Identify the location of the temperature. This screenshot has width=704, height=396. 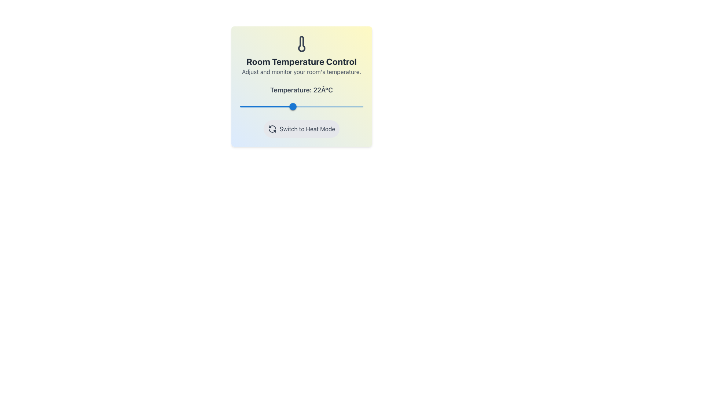
(338, 106).